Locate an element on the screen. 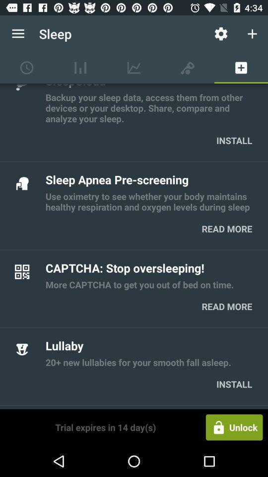  the text install shown in the first field is located at coordinates (234, 140).